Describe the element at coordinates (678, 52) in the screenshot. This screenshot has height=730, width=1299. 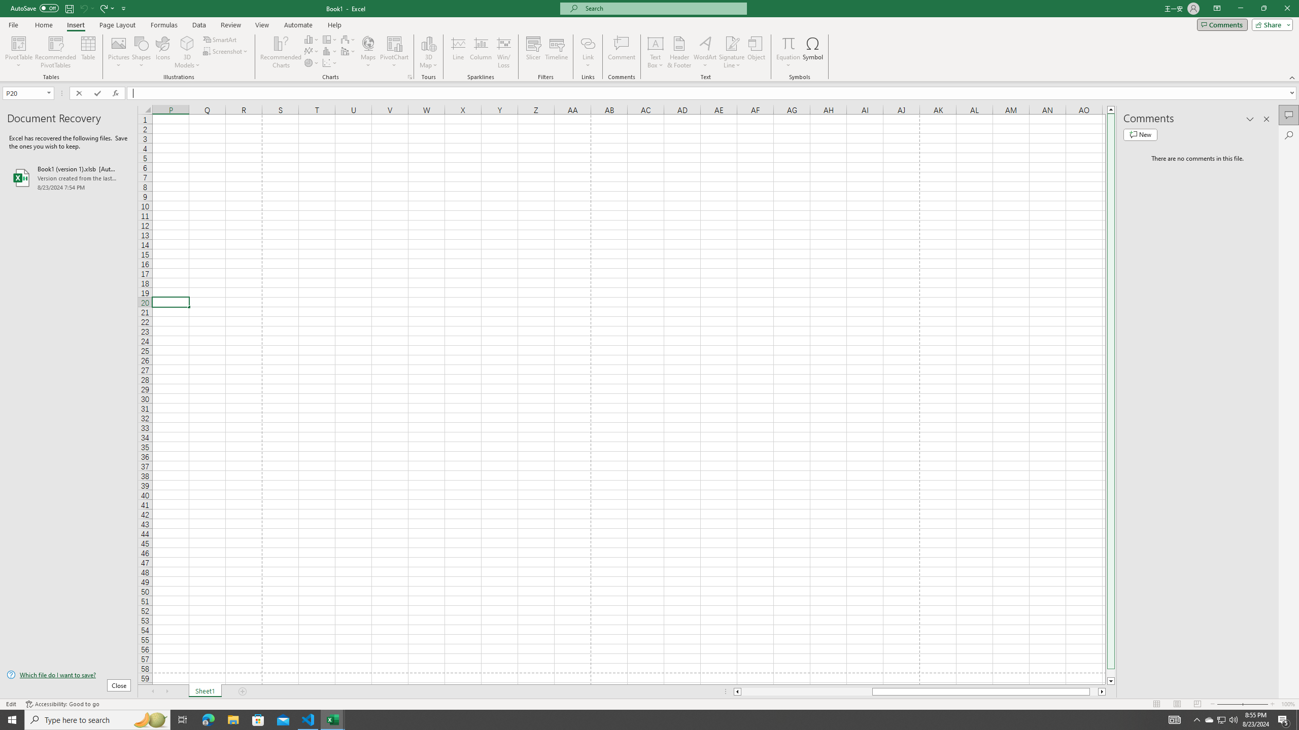
I see `'Header & Footer...'` at that location.